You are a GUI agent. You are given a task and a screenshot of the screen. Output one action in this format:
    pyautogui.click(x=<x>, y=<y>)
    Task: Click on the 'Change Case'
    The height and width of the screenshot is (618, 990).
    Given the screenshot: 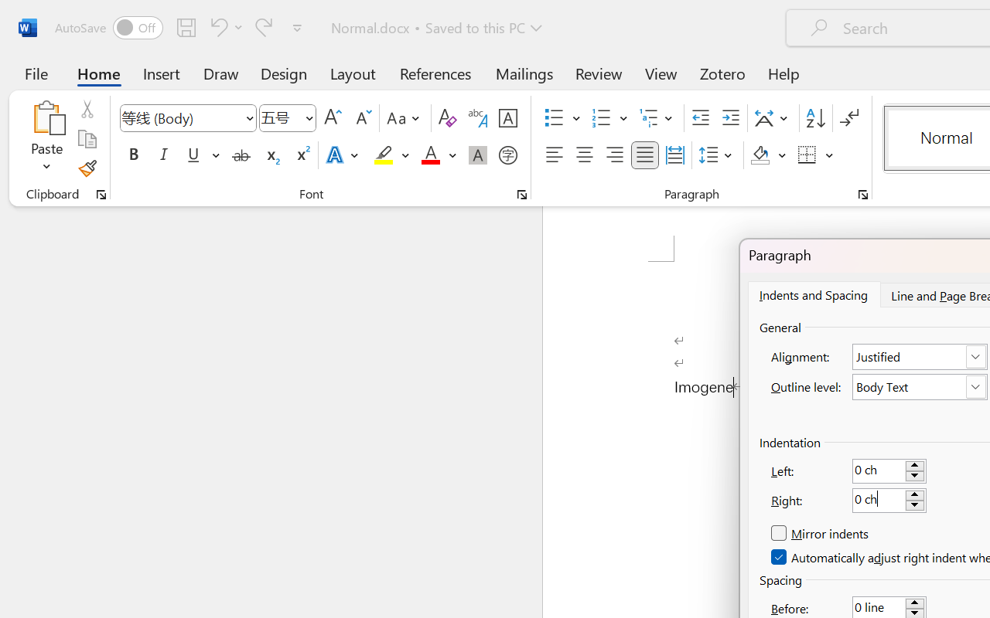 What is the action you would take?
    pyautogui.click(x=405, y=118)
    